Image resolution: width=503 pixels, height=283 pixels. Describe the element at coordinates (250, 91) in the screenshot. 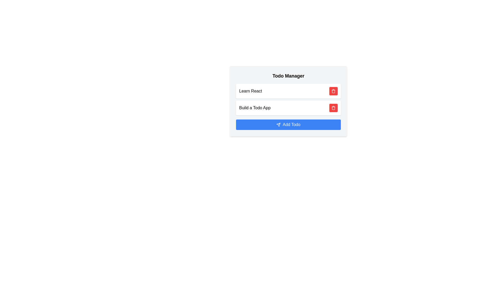

I see `on the 'Learn React' text element located in the first to-do entry under 'Todo Manager'` at that location.